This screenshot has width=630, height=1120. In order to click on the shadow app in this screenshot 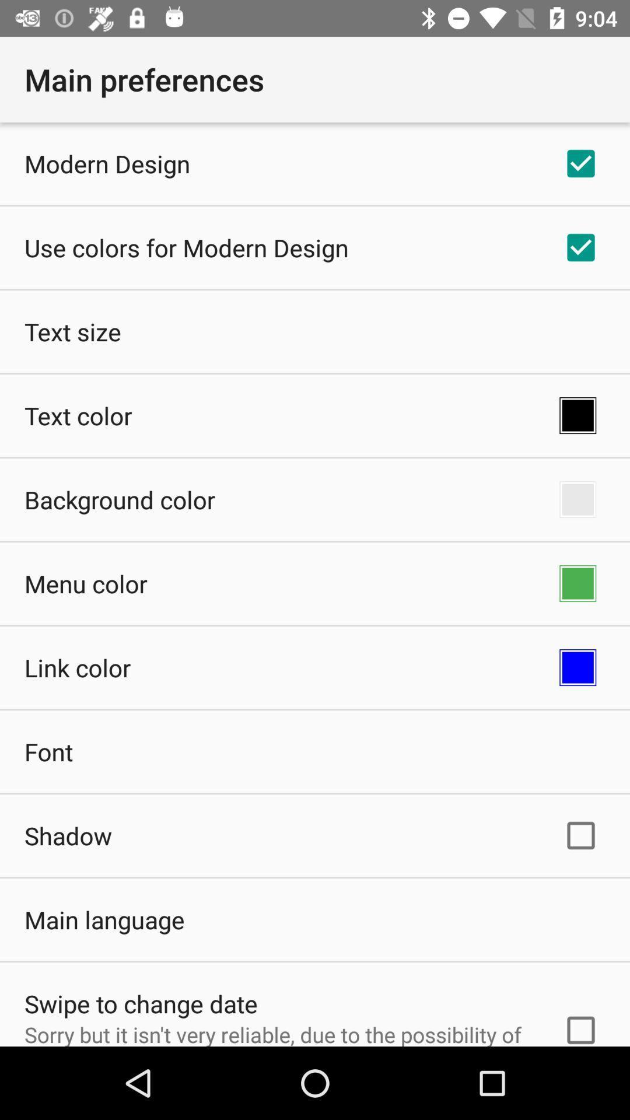, I will do `click(68, 835)`.